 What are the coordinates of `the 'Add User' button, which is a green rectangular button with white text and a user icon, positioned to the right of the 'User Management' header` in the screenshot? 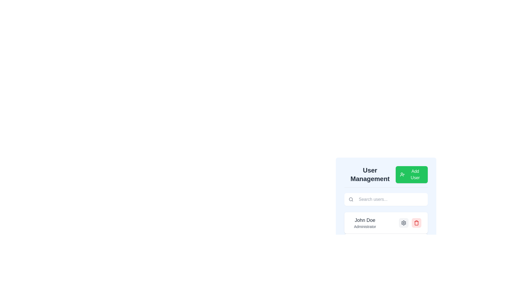 It's located at (411, 175).